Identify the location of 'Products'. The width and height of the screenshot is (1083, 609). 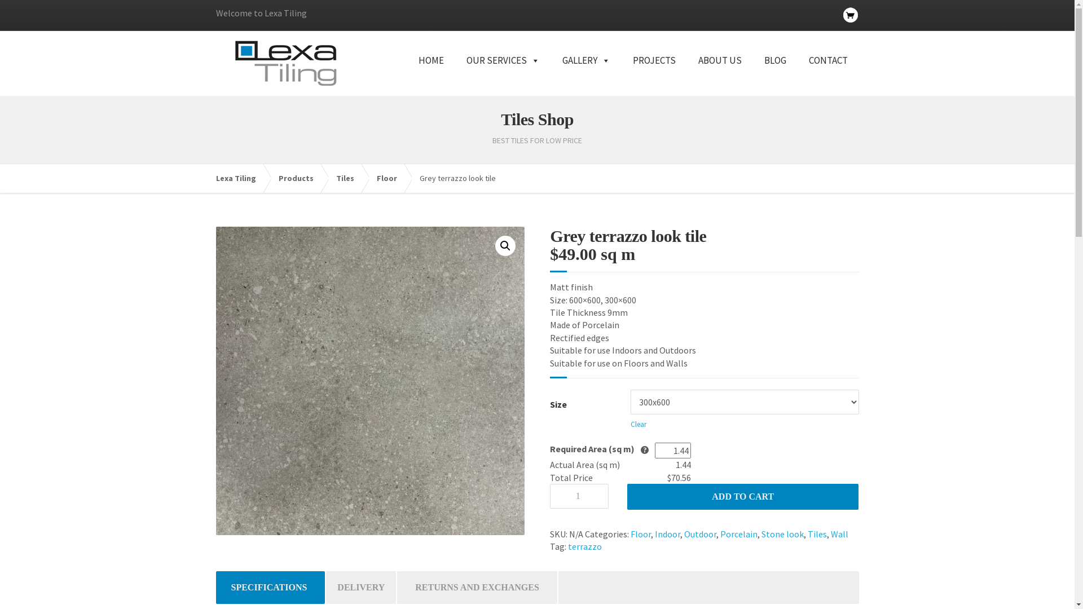
(301, 178).